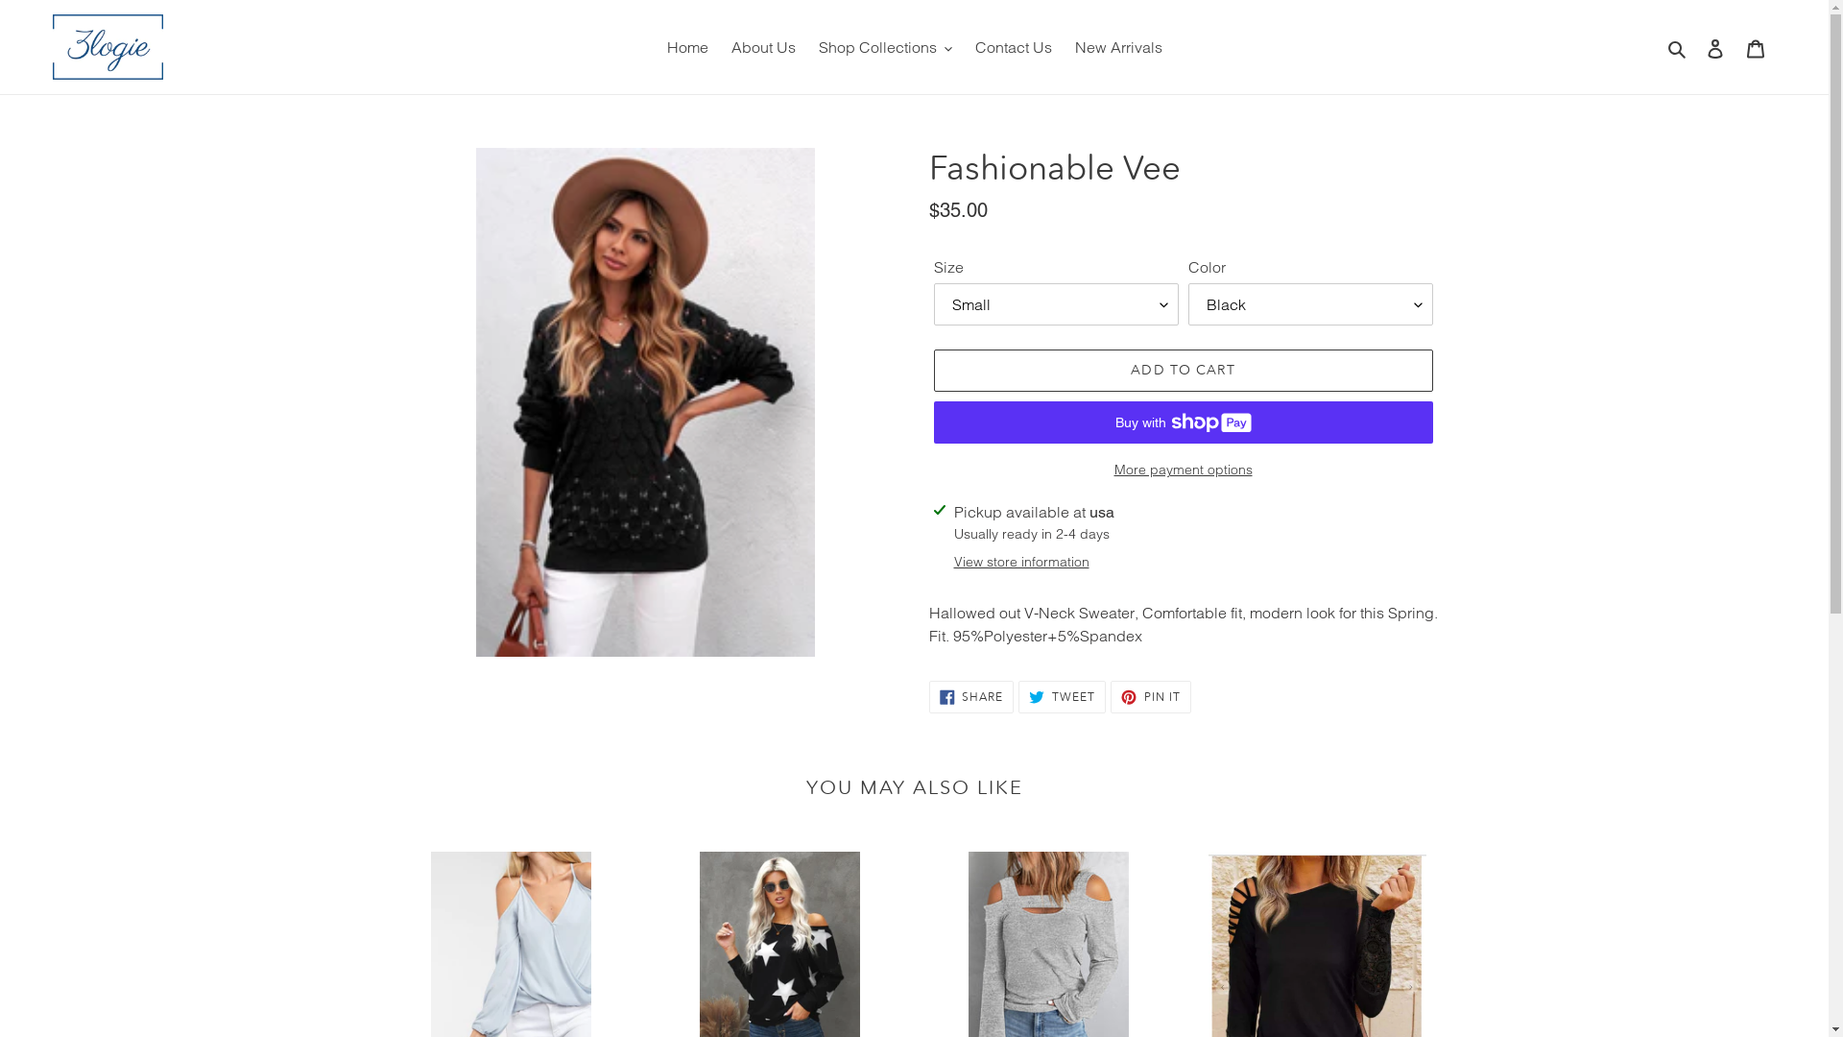  I want to click on 'Cart', so click(1755, 46).